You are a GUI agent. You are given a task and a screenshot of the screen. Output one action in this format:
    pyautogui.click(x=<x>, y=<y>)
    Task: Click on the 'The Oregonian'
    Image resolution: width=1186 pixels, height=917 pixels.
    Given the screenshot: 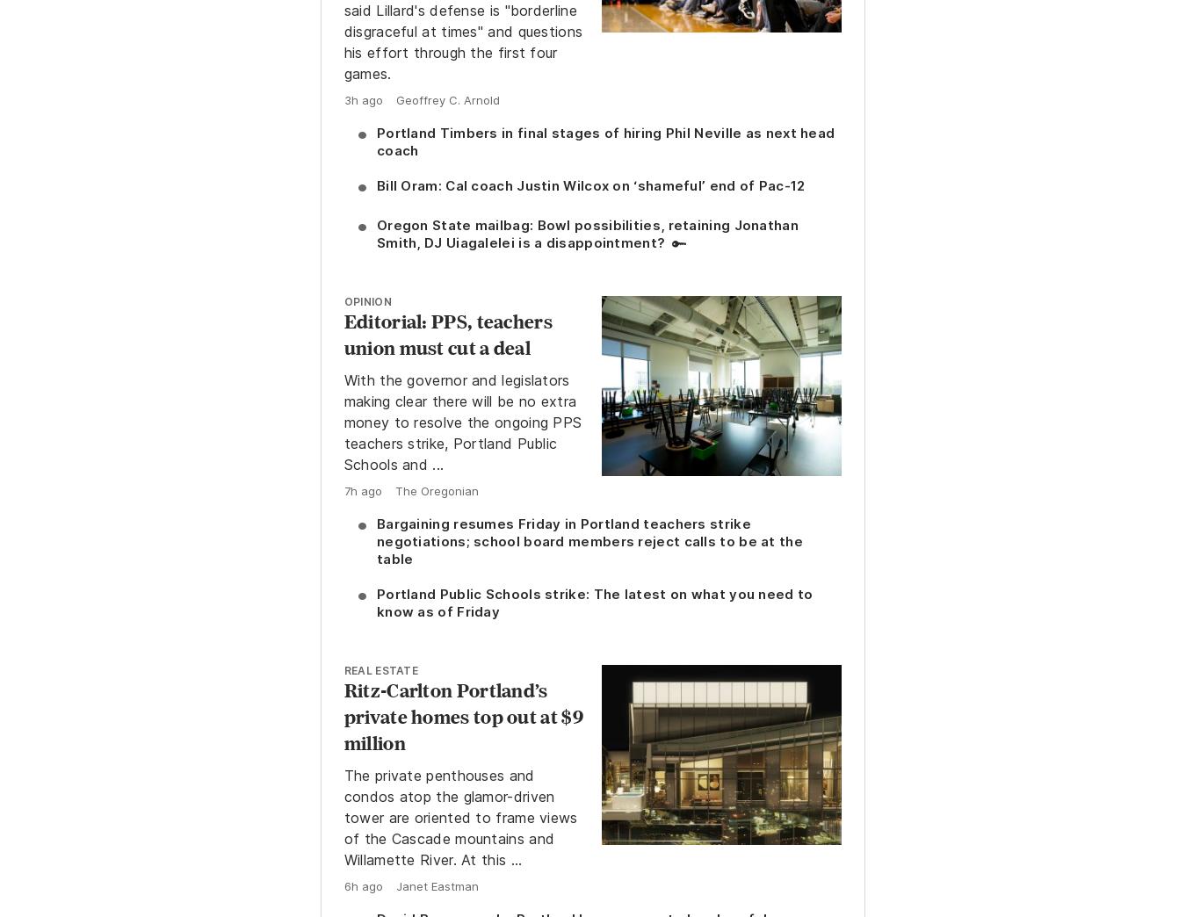 What is the action you would take?
    pyautogui.click(x=435, y=489)
    